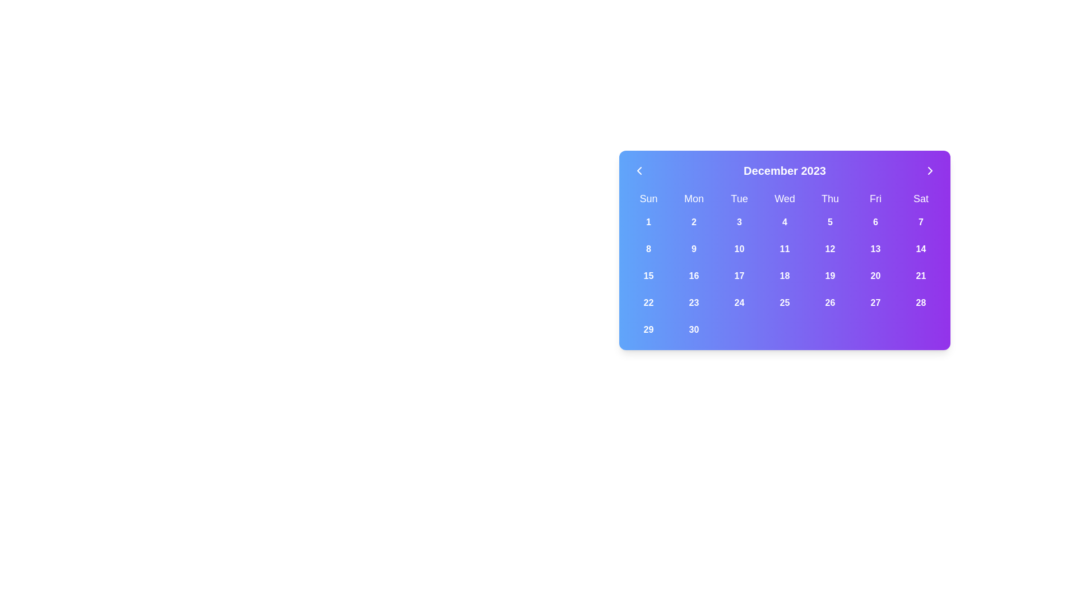  Describe the element at coordinates (693, 248) in the screenshot. I see `the button labeled '9' in the calendar grid for December 2023` at that location.